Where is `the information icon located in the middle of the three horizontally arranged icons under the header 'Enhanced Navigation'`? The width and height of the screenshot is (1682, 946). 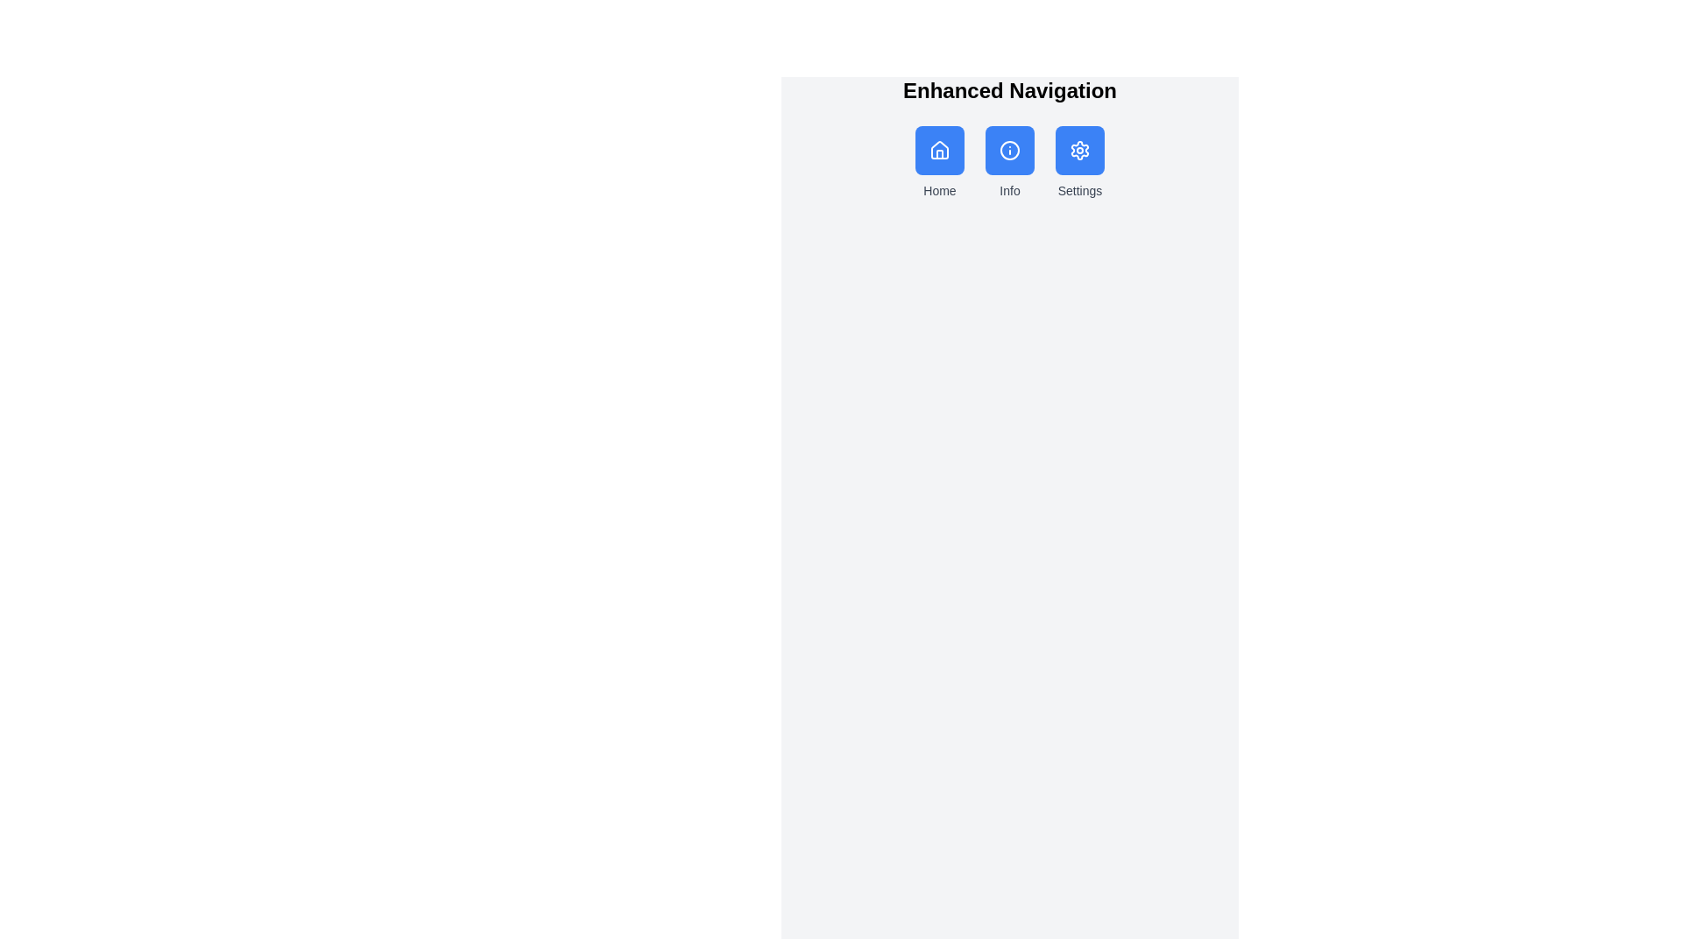
the information icon located in the middle of the three horizontally arranged icons under the header 'Enhanced Navigation' is located at coordinates (1009, 150).